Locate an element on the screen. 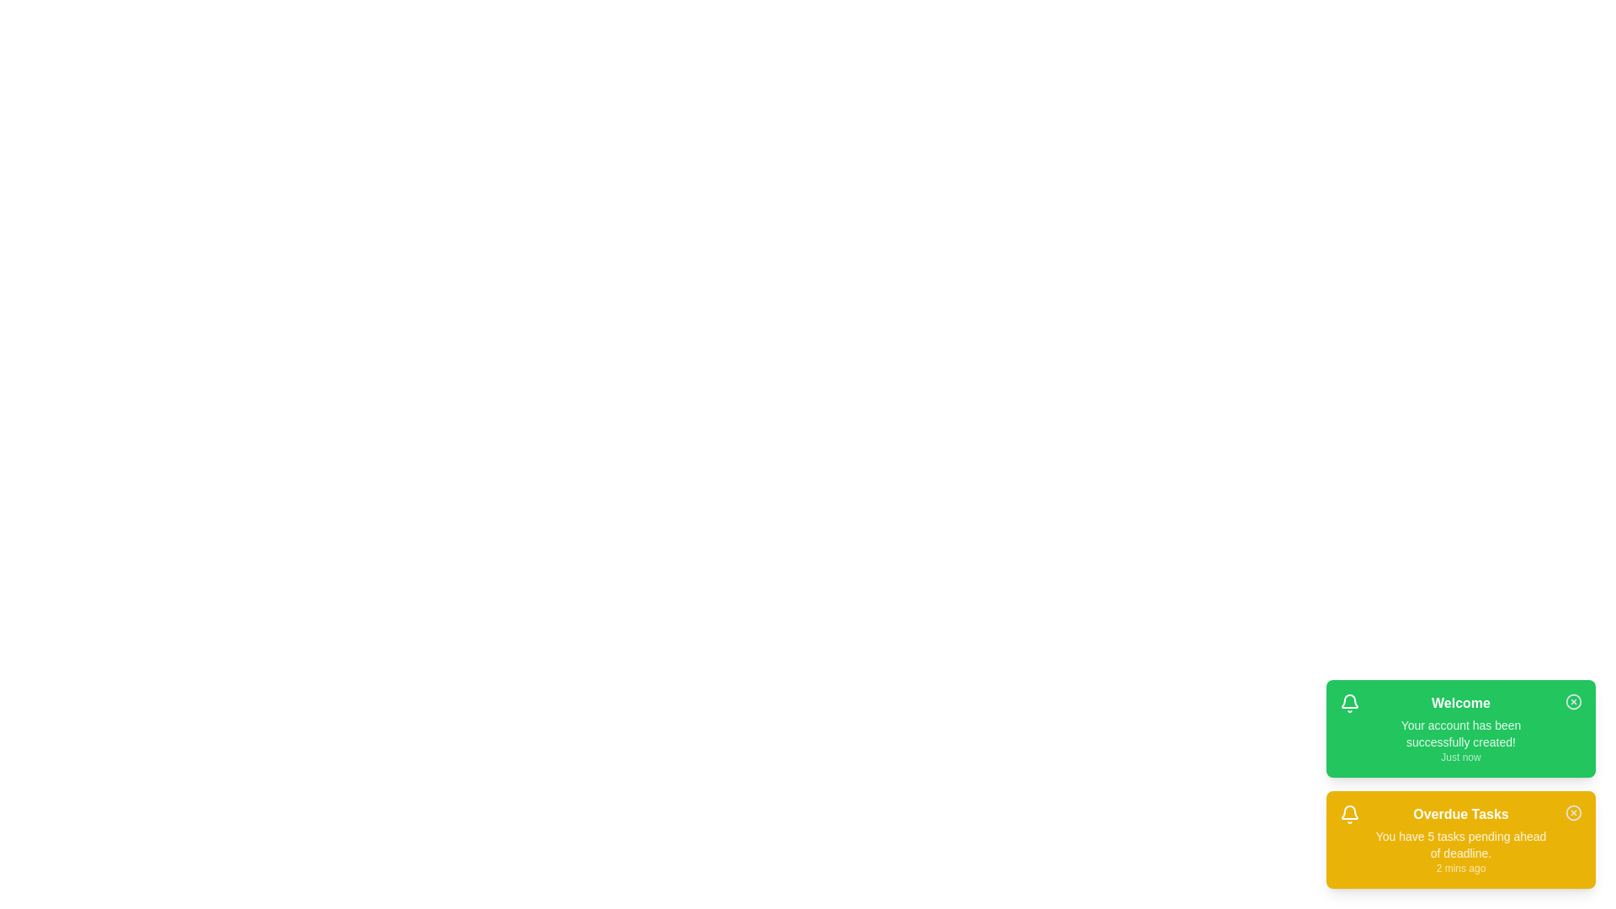  the notification to observe the hover effect is located at coordinates (1460, 728).